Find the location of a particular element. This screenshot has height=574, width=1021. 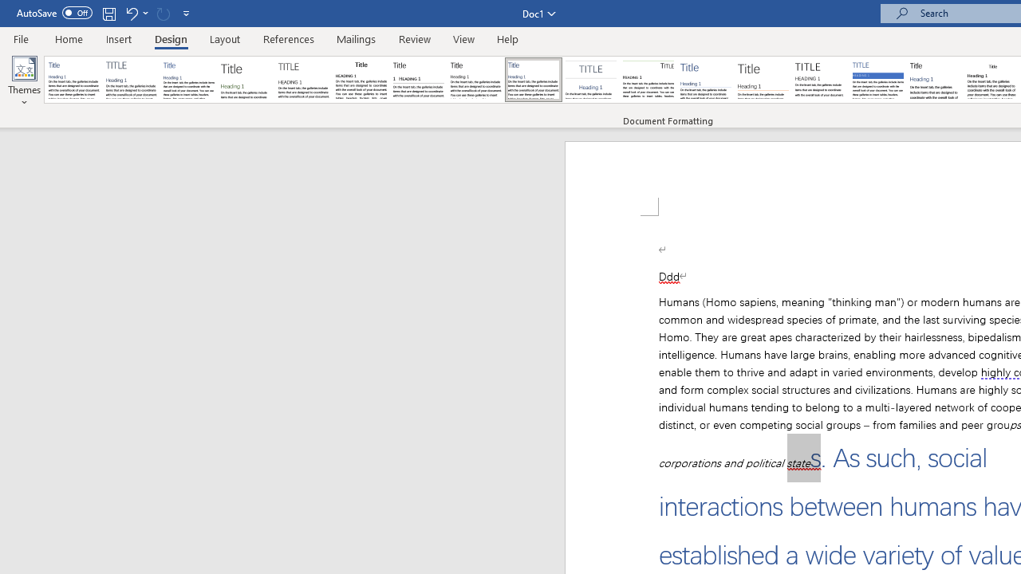

'Black & White (Capitalized)' is located at coordinates (304, 80).